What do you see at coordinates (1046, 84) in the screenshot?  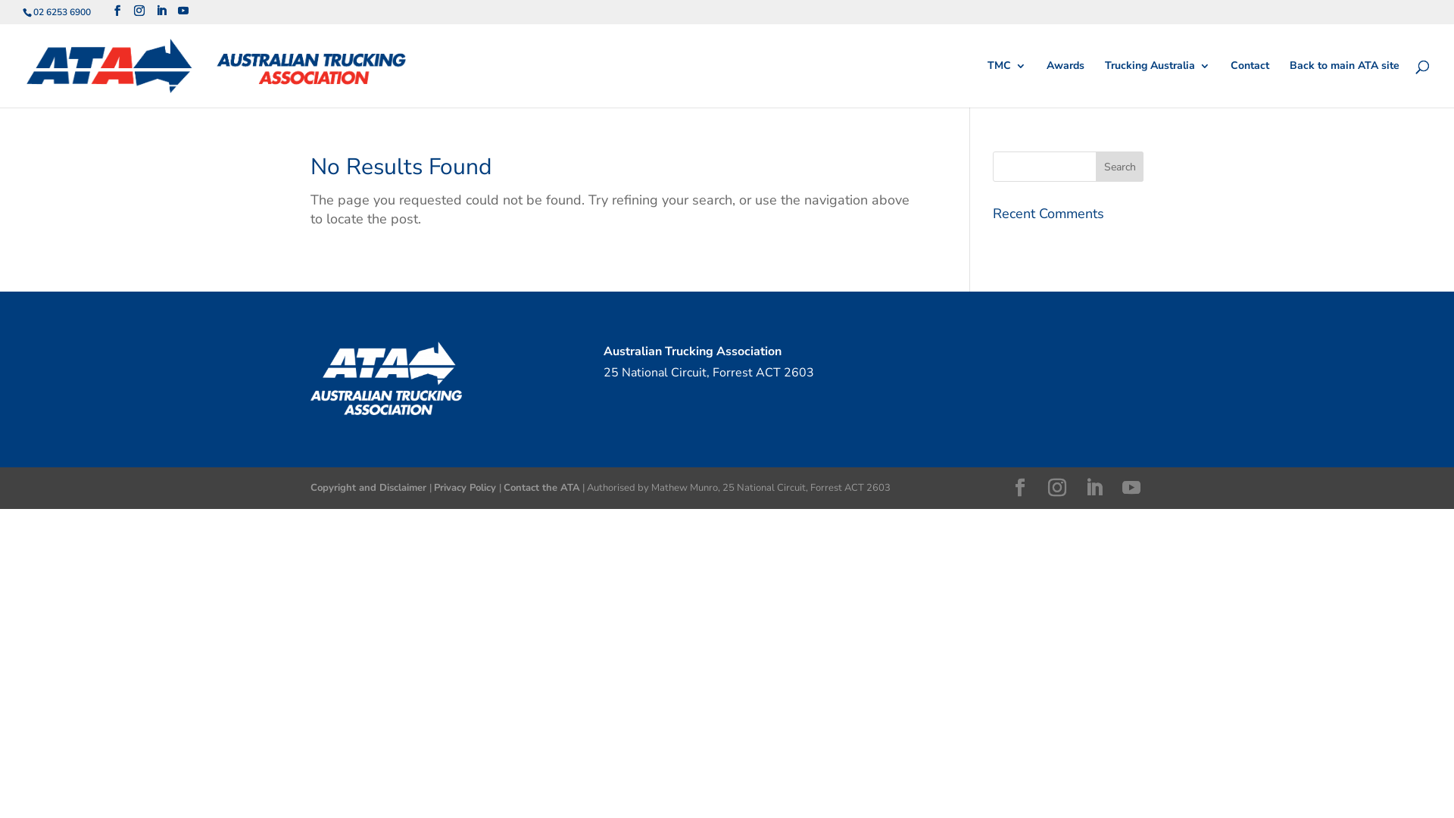 I see `'Awards'` at bounding box center [1046, 84].